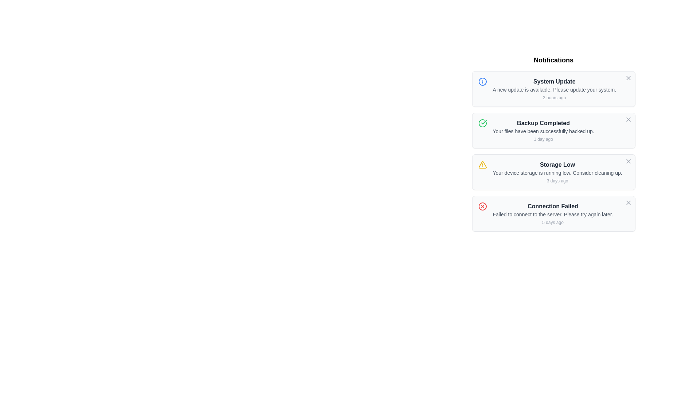  What do you see at coordinates (543, 131) in the screenshot?
I see `the label that provides additional descriptive information about the completion of a file backup process, which is positioned below the 'Backup Completed' text and above '1 day ago'` at bounding box center [543, 131].